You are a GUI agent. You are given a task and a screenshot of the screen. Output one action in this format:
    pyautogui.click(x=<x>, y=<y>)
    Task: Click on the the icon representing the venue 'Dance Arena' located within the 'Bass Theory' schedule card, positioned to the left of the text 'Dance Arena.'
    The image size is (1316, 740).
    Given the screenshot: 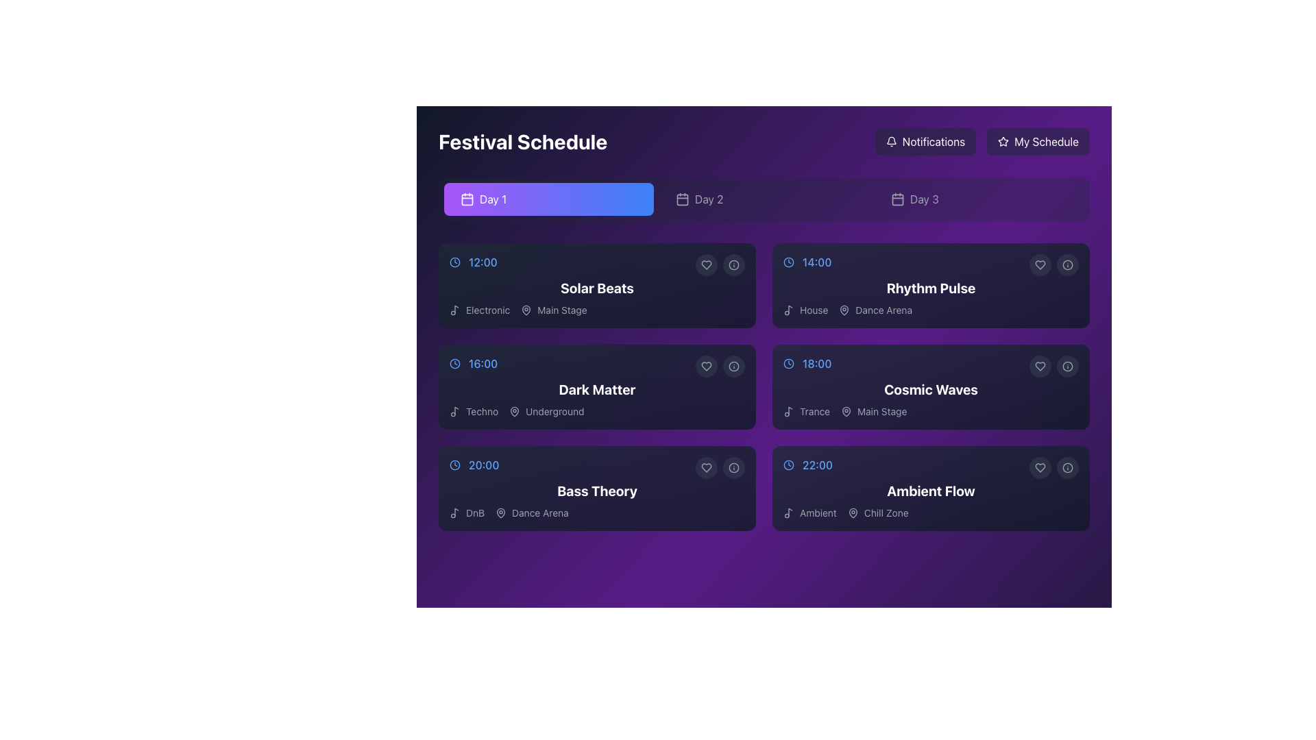 What is the action you would take?
    pyautogui.click(x=500, y=513)
    